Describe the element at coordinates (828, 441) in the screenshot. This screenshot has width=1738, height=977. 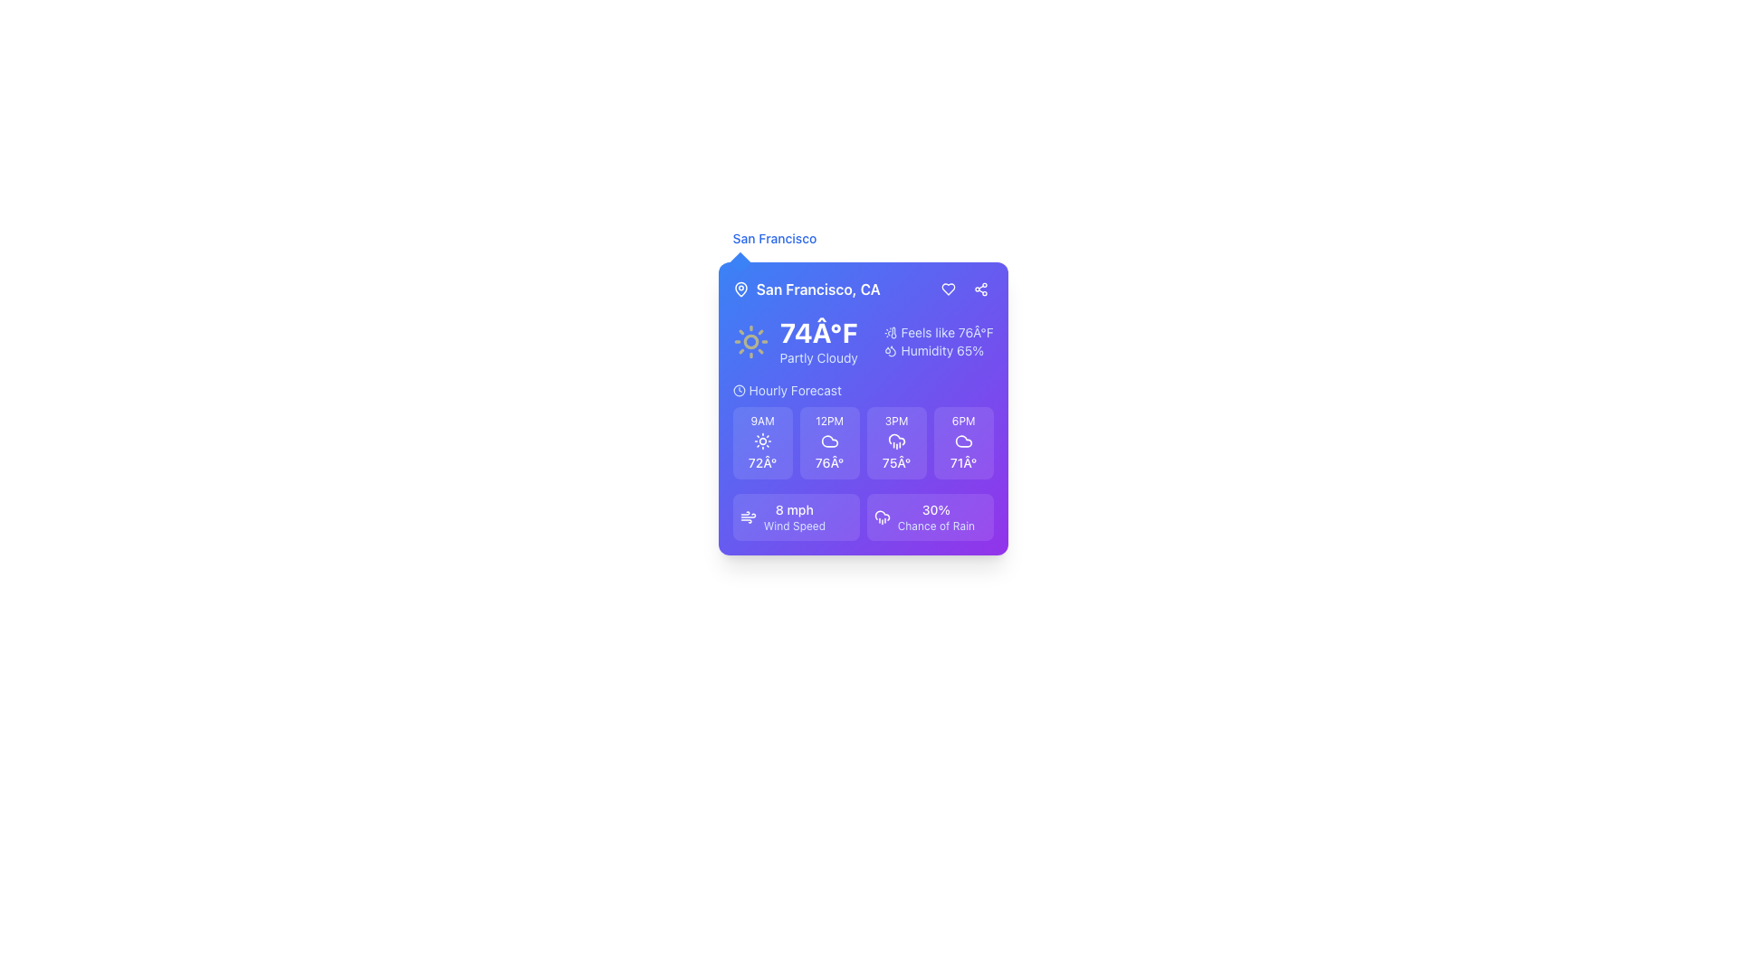
I see `the cloudy conditions vector graphic icon in the weather forecast card` at that location.